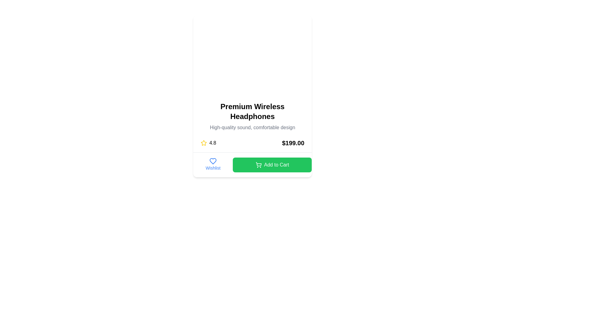  What do you see at coordinates (253, 143) in the screenshot?
I see `the rating indicator and price label in the Information row` at bounding box center [253, 143].